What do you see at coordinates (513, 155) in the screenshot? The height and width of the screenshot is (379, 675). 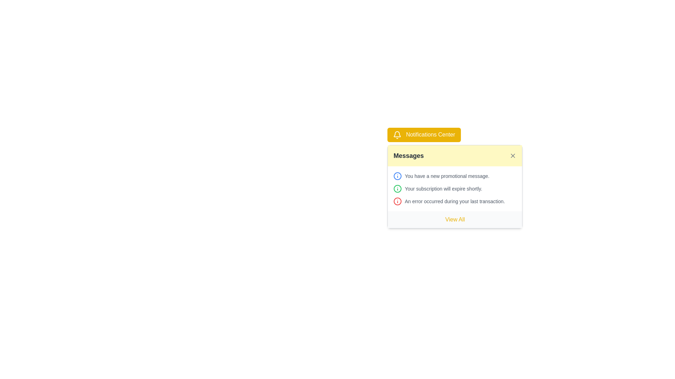 I see `the close button located at the top-right corner of the yellow 'Messages' section` at bounding box center [513, 155].